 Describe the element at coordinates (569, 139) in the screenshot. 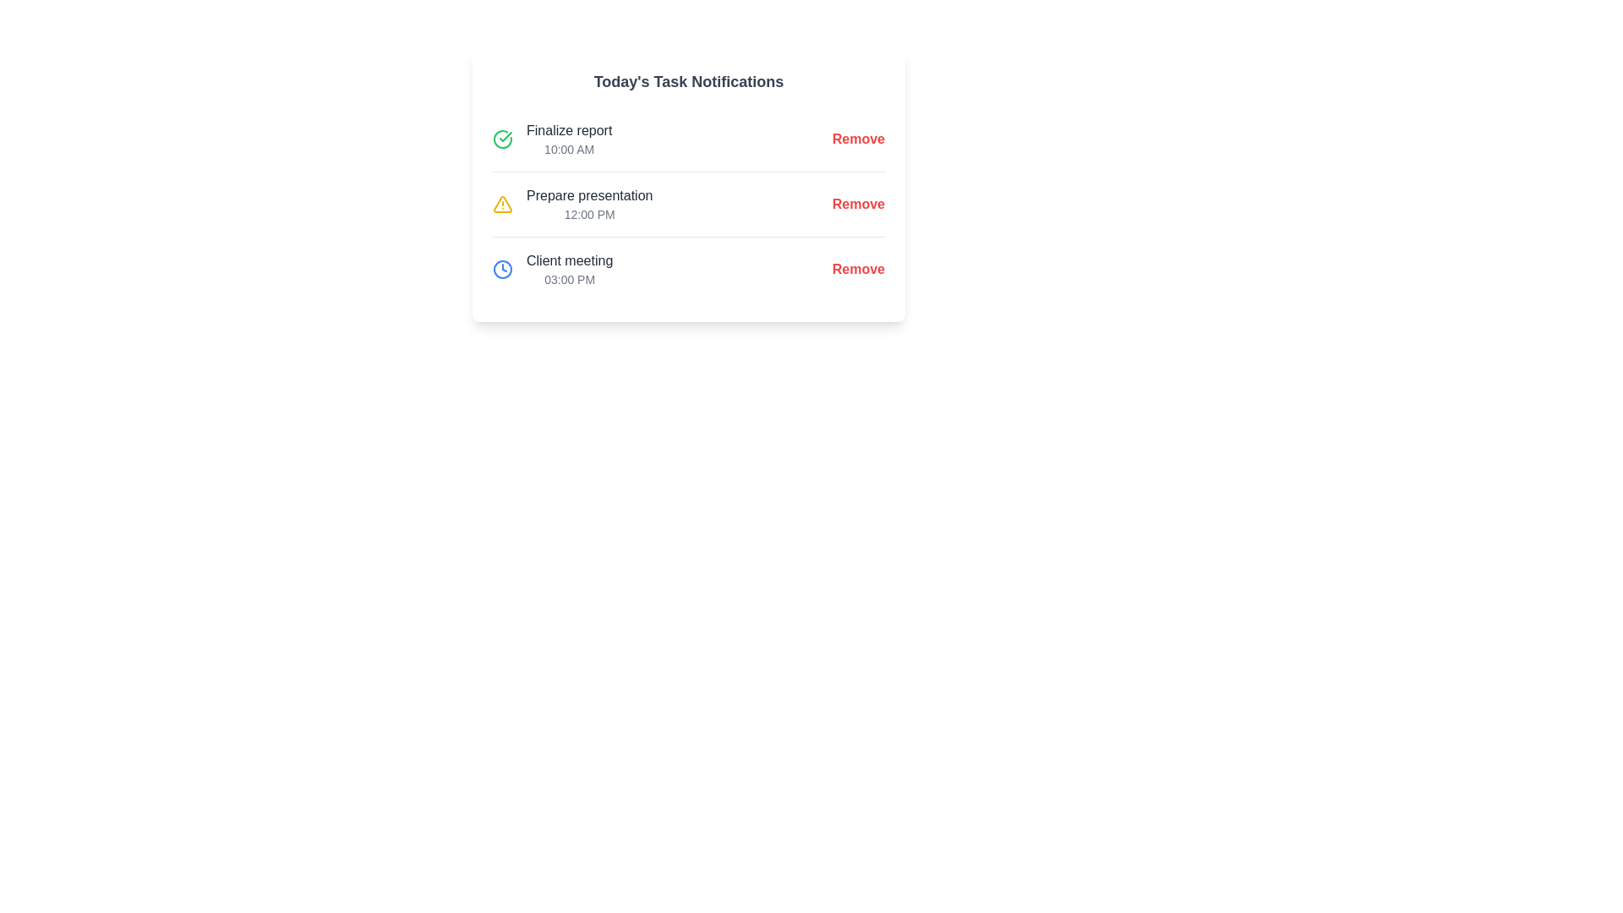

I see `the task notification text display located in the first row of today's task notifications, positioned to the right of a circular green checkmark icon` at that location.